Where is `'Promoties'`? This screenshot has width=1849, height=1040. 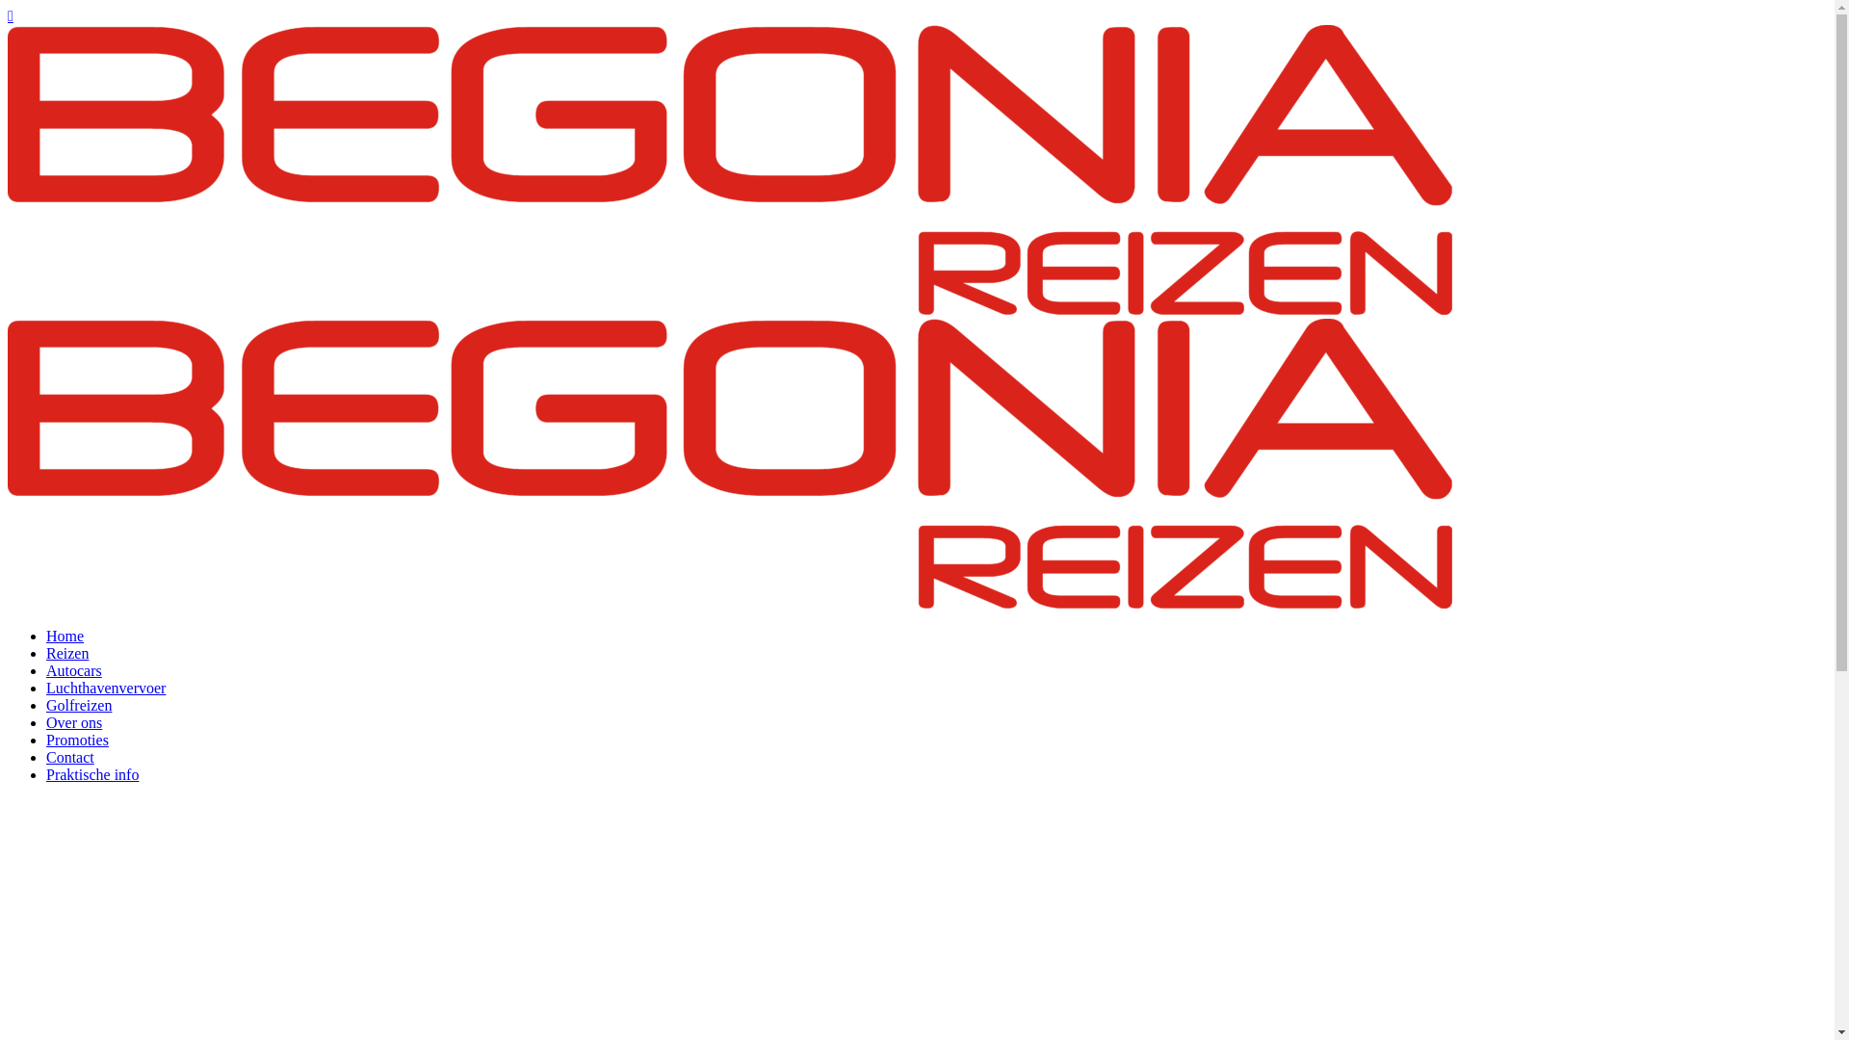 'Promoties' is located at coordinates (77, 739).